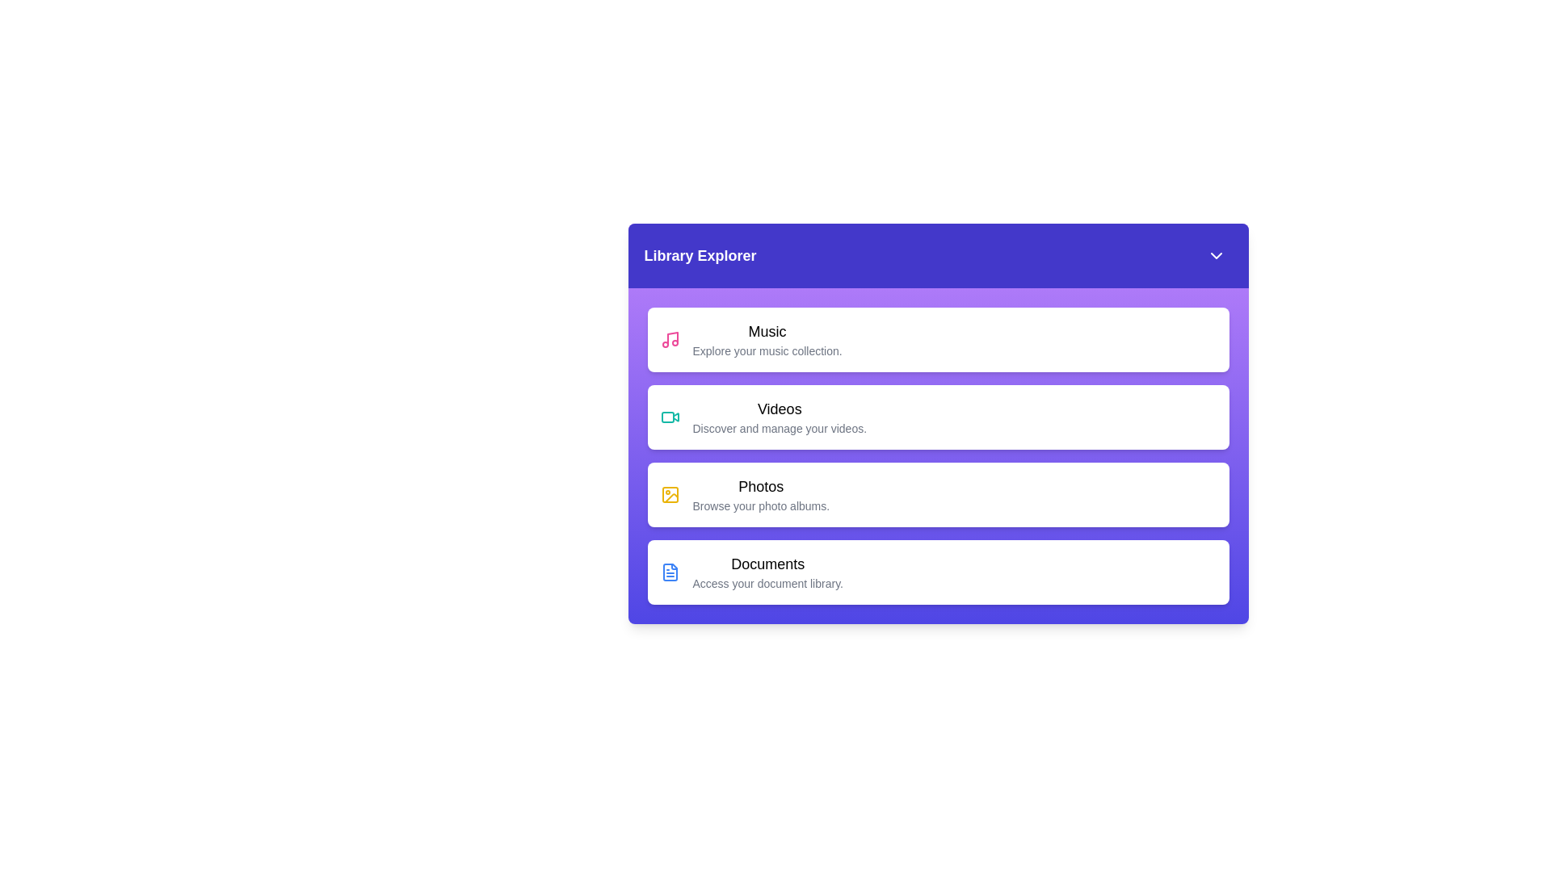 The width and height of the screenshot is (1551, 872). Describe the element at coordinates (938, 416) in the screenshot. I see `the library item labeled Videos to select it` at that location.